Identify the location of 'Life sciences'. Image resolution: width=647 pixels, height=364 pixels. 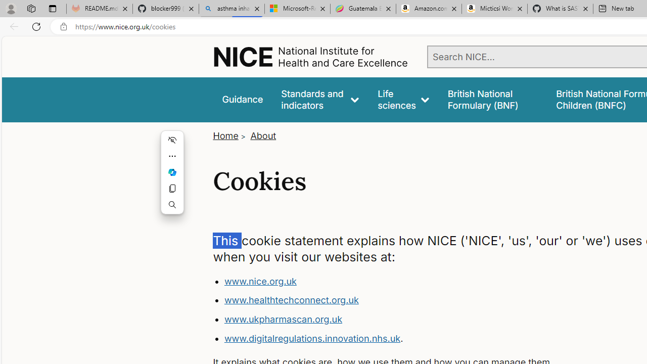
(403, 100).